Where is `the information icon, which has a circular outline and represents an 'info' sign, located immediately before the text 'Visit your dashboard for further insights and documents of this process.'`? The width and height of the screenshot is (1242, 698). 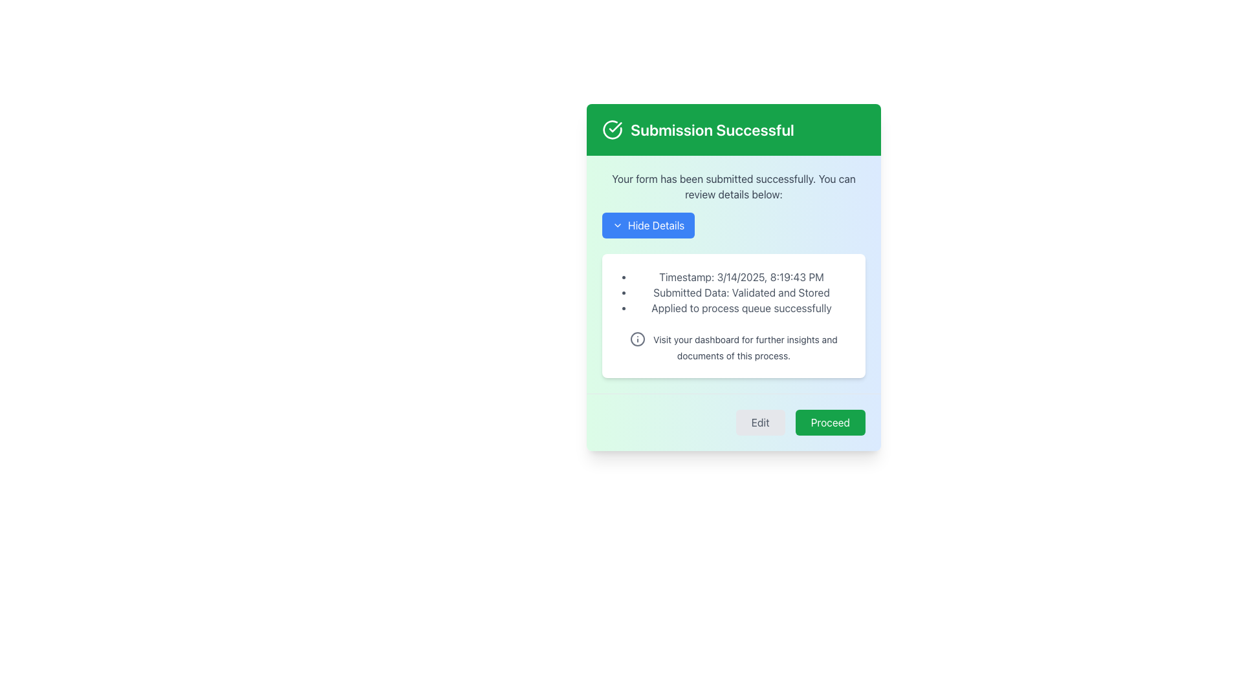
the information icon, which has a circular outline and represents an 'info' sign, located immediately before the text 'Visit your dashboard for further insights and documents of this process.' is located at coordinates (638, 338).